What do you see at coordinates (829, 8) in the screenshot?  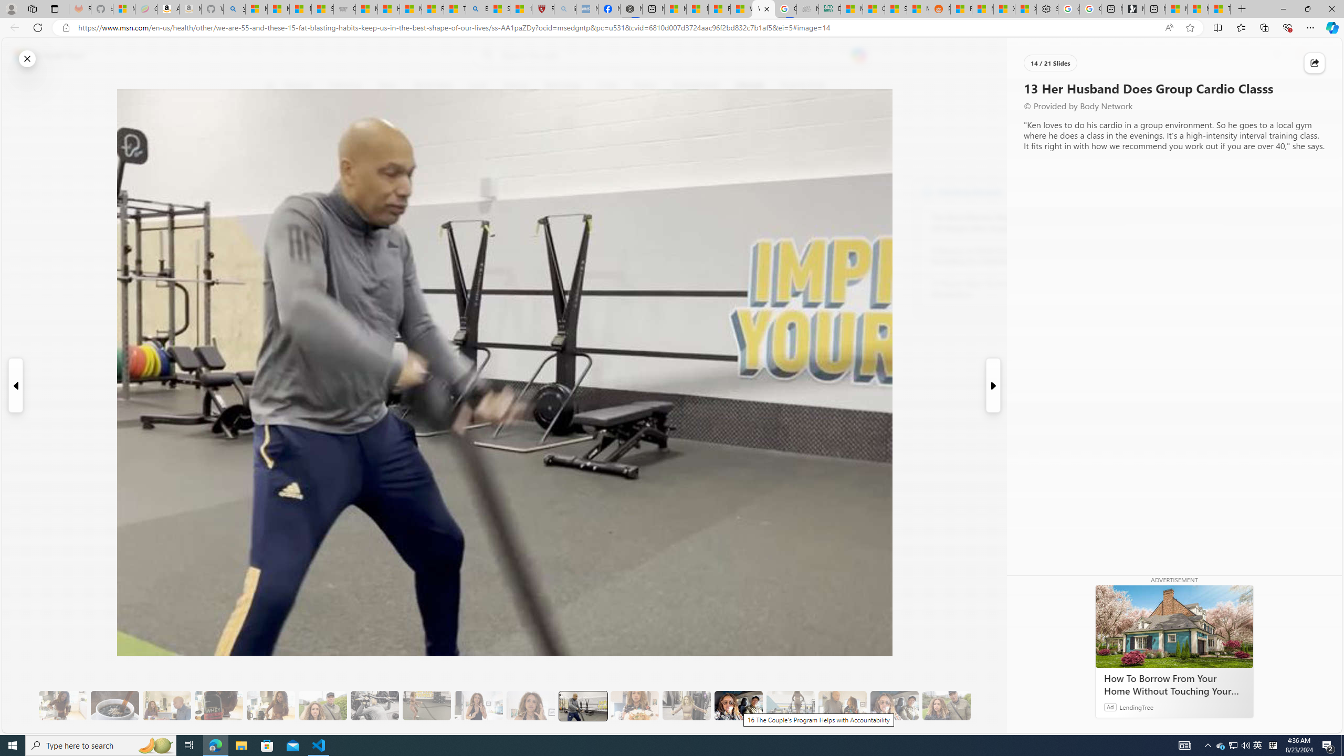 I see `'DITOGAMES AG Imprint'` at bounding box center [829, 8].